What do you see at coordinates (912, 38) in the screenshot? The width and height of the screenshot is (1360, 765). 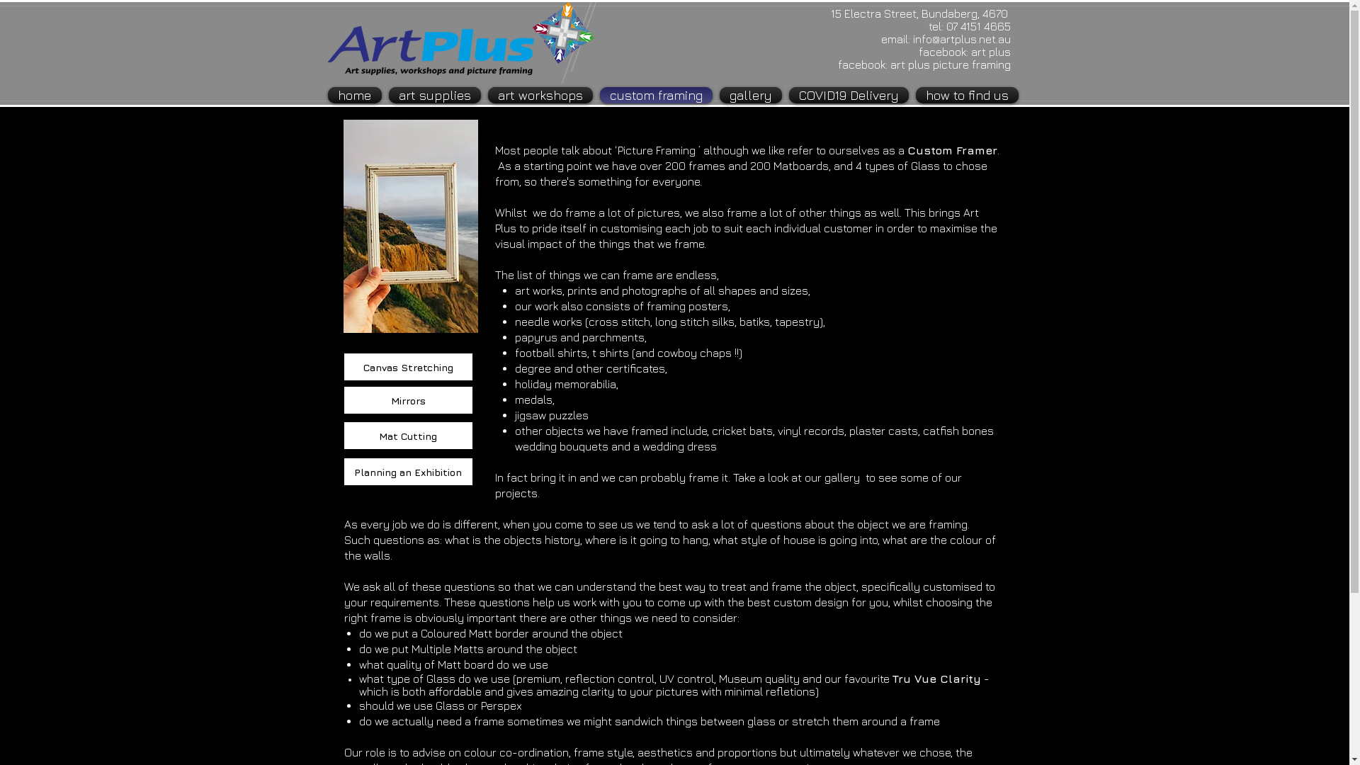 I see `'info@artplus.net.au'` at bounding box center [912, 38].